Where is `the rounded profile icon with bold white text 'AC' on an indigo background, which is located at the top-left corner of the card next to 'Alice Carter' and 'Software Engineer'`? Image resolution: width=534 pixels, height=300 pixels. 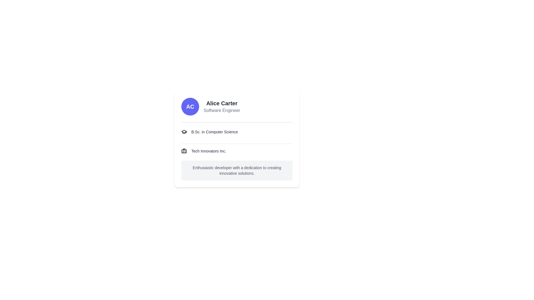
the rounded profile icon with bold white text 'AC' on an indigo background, which is located at the top-left corner of the card next to 'Alice Carter' and 'Software Engineer' is located at coordinates (190, 107).